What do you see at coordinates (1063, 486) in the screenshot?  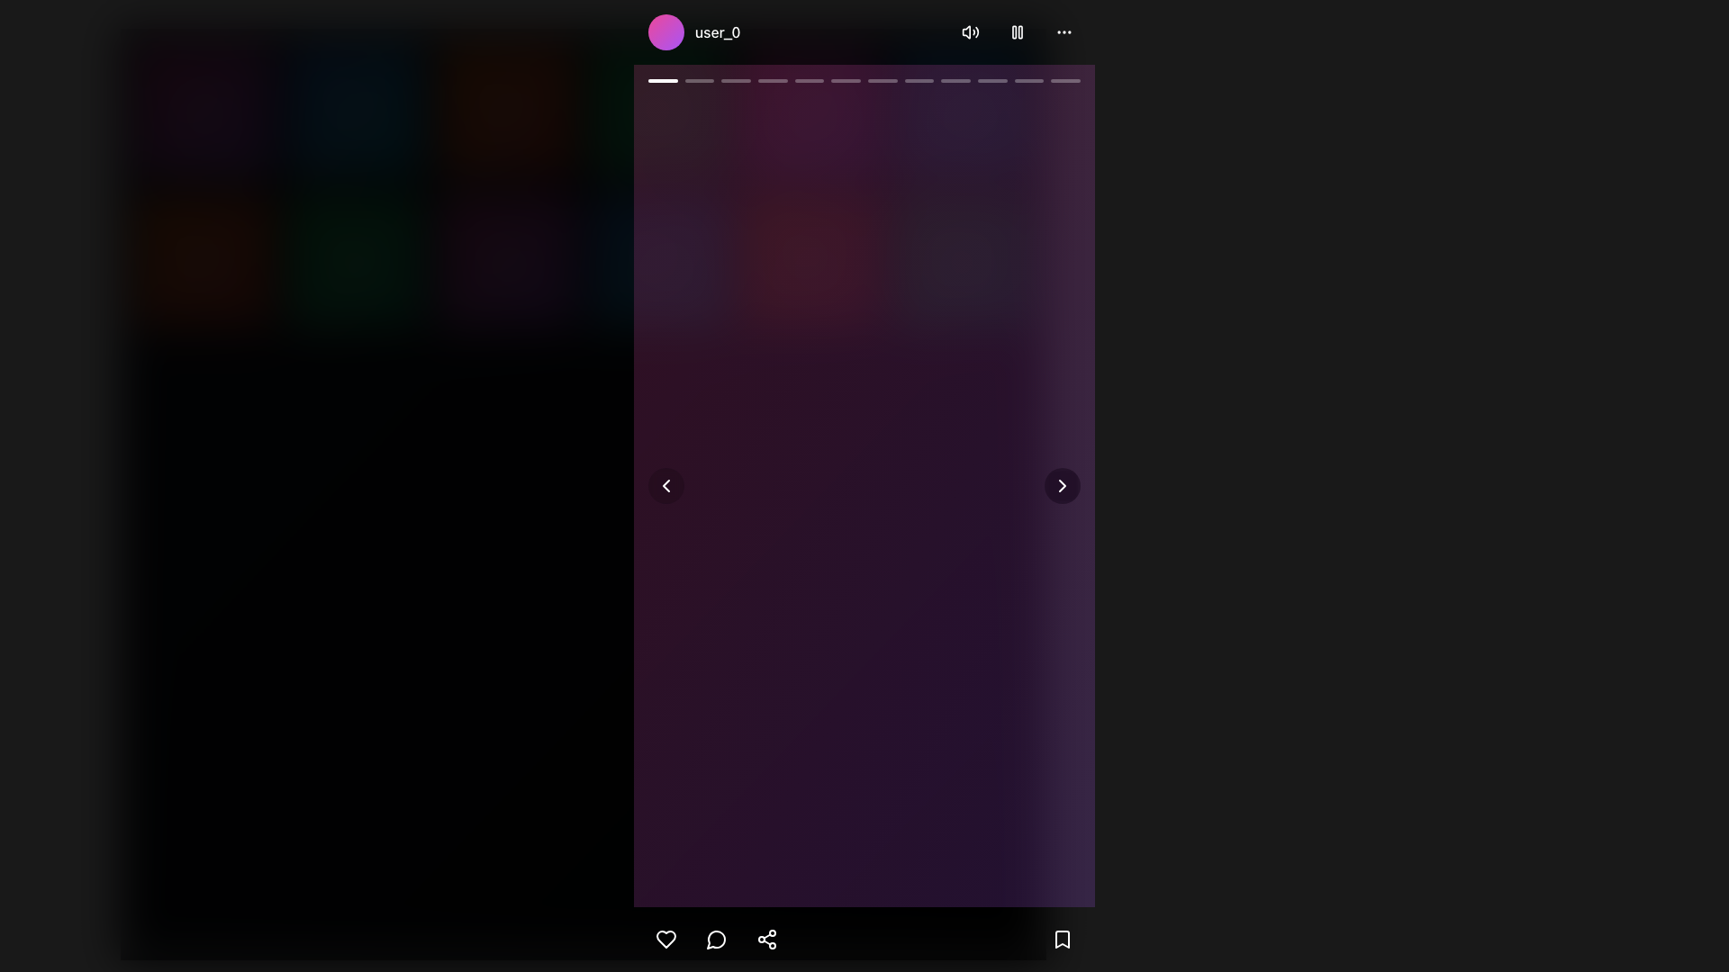 I see `the chevron icon located at the right-center of a circular button with a semi-transparent black background` at bounding box center [1063, 486].